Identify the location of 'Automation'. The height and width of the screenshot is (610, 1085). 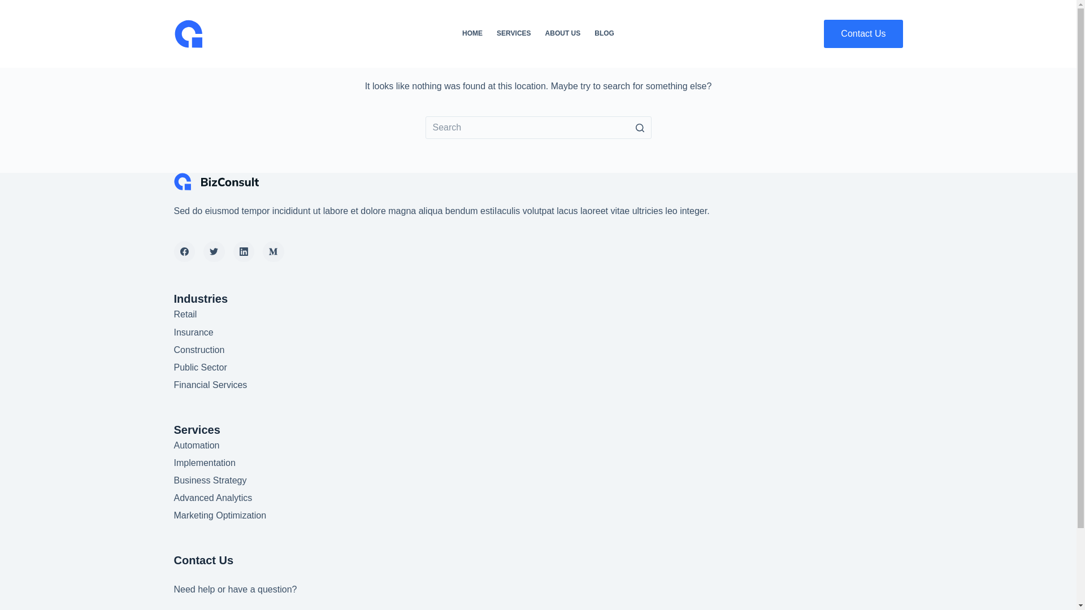
(197, 445).